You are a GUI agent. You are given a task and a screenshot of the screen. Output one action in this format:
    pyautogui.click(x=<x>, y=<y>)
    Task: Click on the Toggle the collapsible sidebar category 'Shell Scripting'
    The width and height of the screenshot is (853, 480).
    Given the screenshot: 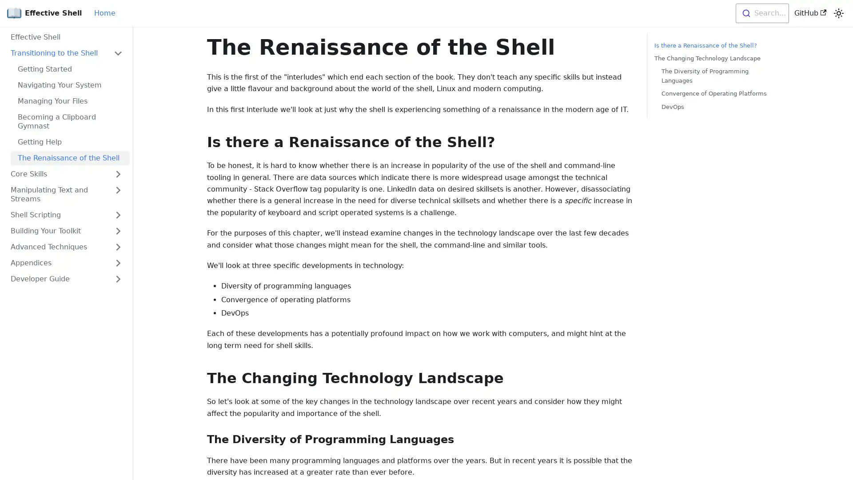 What is the action you would take?
    pyautogui.click(x=117, y=215)
    